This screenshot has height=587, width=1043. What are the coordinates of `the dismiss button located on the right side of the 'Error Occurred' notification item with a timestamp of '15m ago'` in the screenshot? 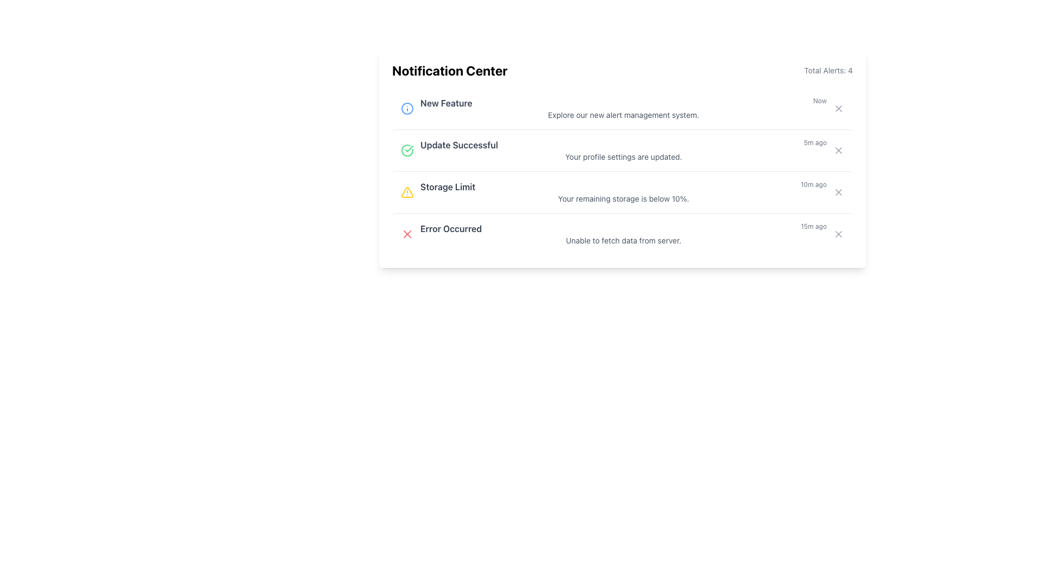 It's located at (838, 234).